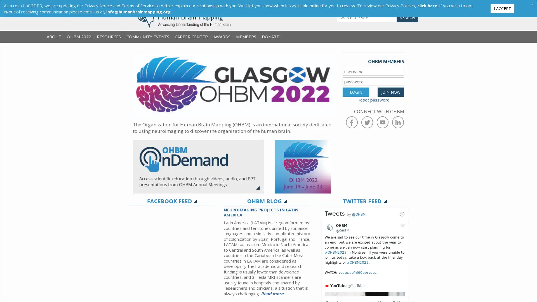  Describe the element at coordinates (319, 95) in the screenshot. I see `Next` at that location.